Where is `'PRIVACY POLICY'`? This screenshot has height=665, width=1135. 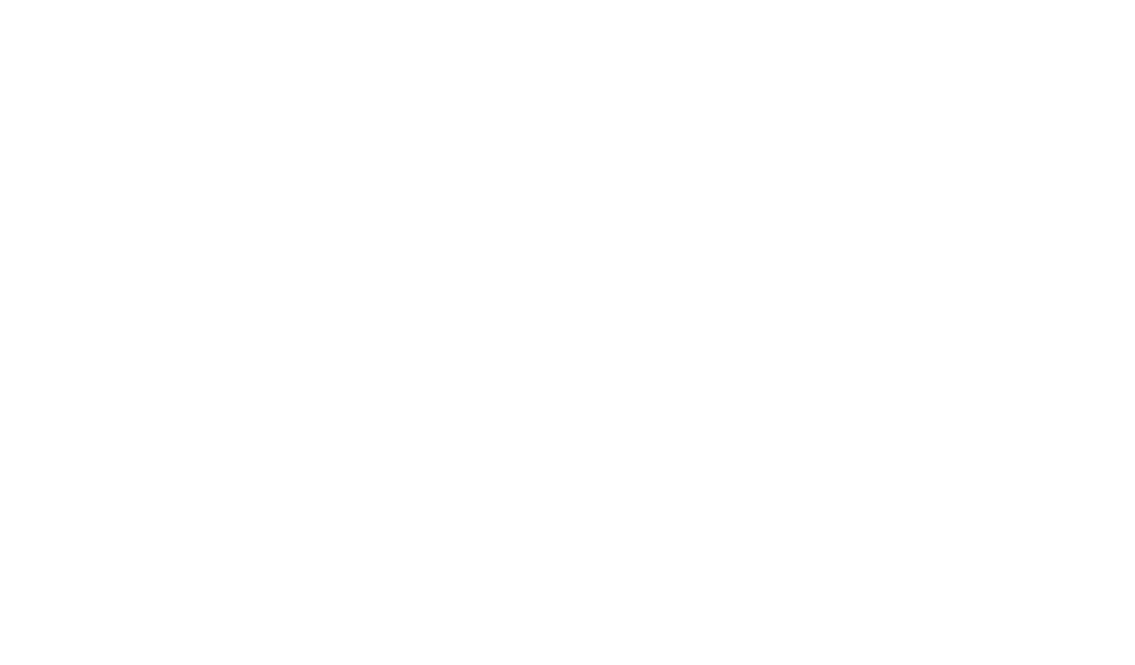
'PRIVACY POLICY' is located at coordinates (138, 444).